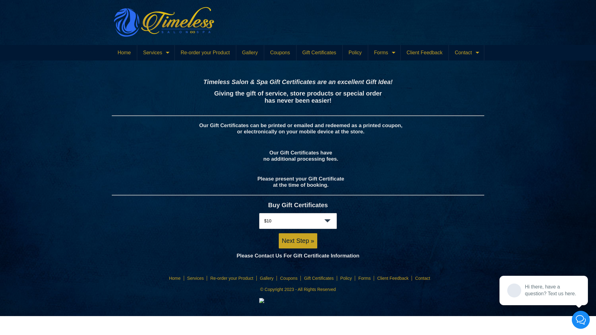 The width and height of the screenshot is (596, 335). Describe the element at coordinates (267, 278) in the screenshot. I see `'Gallery'` at that location.